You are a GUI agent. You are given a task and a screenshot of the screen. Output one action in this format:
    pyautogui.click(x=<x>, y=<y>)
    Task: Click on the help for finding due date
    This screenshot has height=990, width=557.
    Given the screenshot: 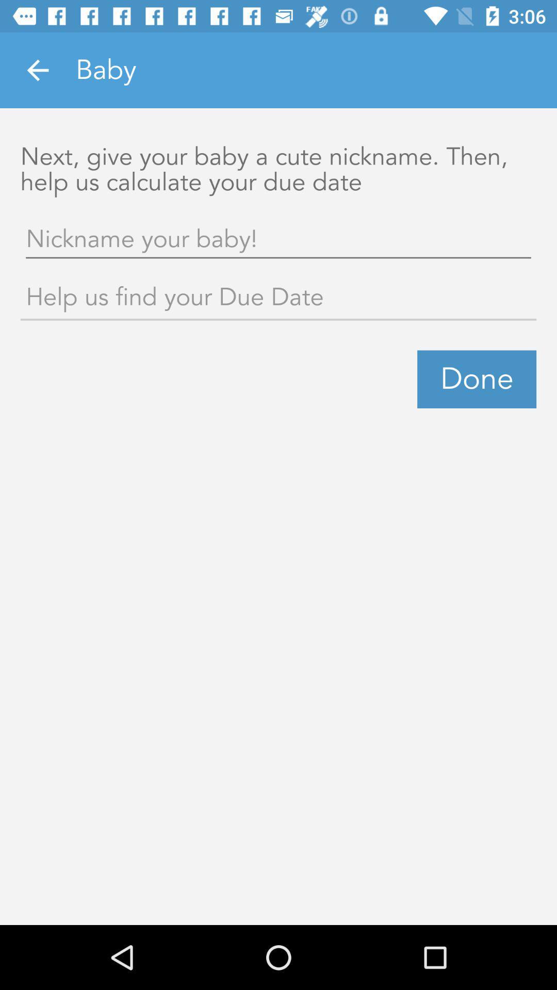 What is the action you would take?
    pyautogui.click(x=278, y=299)
    